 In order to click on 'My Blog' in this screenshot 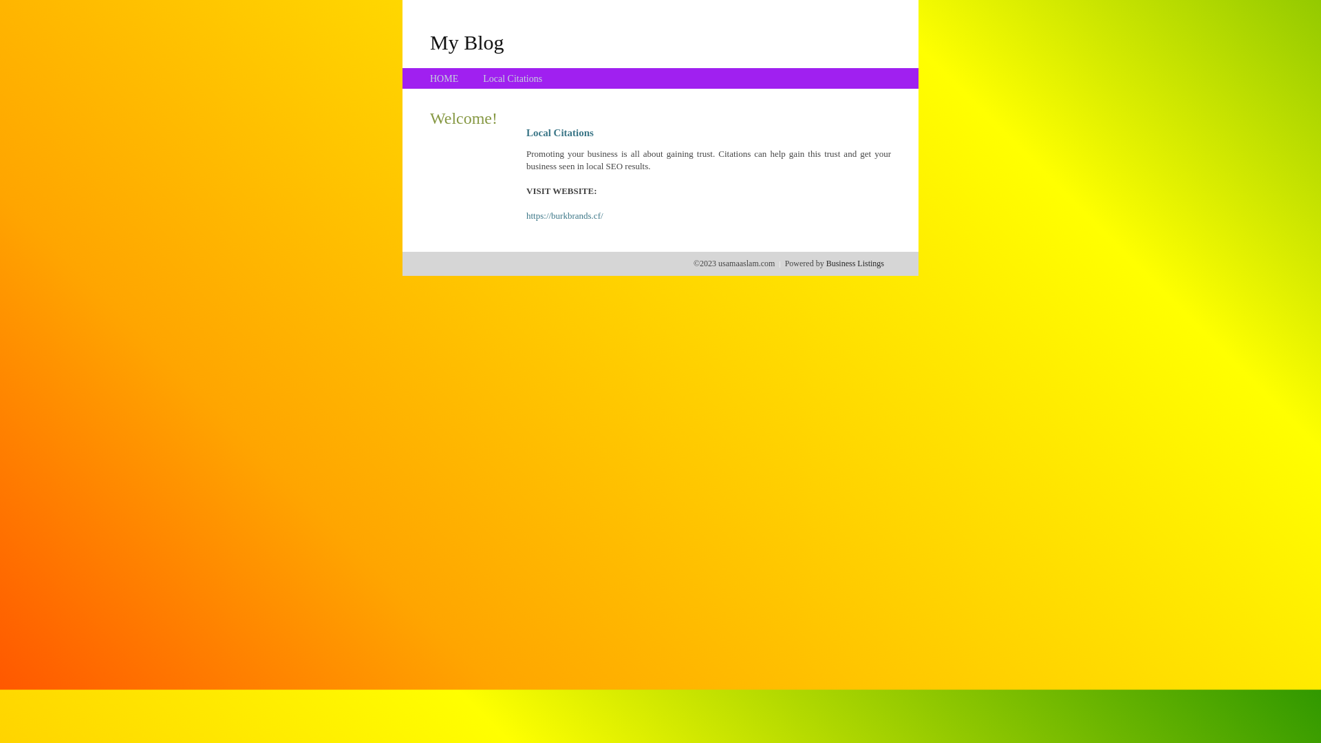, I will do `click(466, 41)`.